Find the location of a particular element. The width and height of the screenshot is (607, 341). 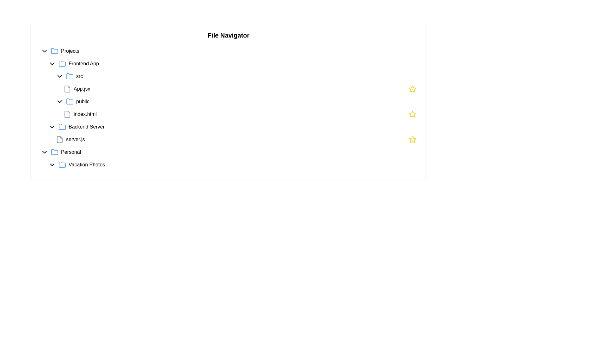

the compact gray file icon located to the left of the text 'App.jsx' is located at coordinates (67, 89).